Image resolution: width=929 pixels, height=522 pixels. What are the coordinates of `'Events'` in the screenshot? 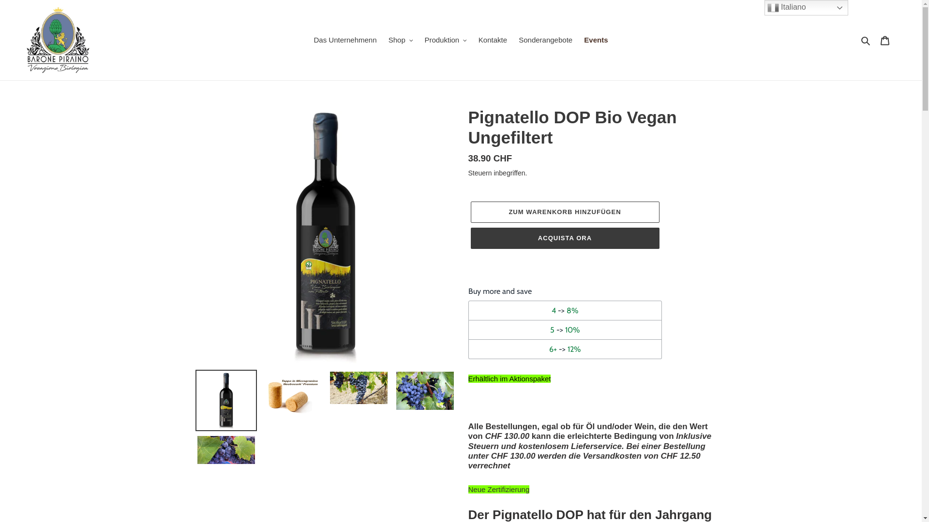 It's located at (595, 40).